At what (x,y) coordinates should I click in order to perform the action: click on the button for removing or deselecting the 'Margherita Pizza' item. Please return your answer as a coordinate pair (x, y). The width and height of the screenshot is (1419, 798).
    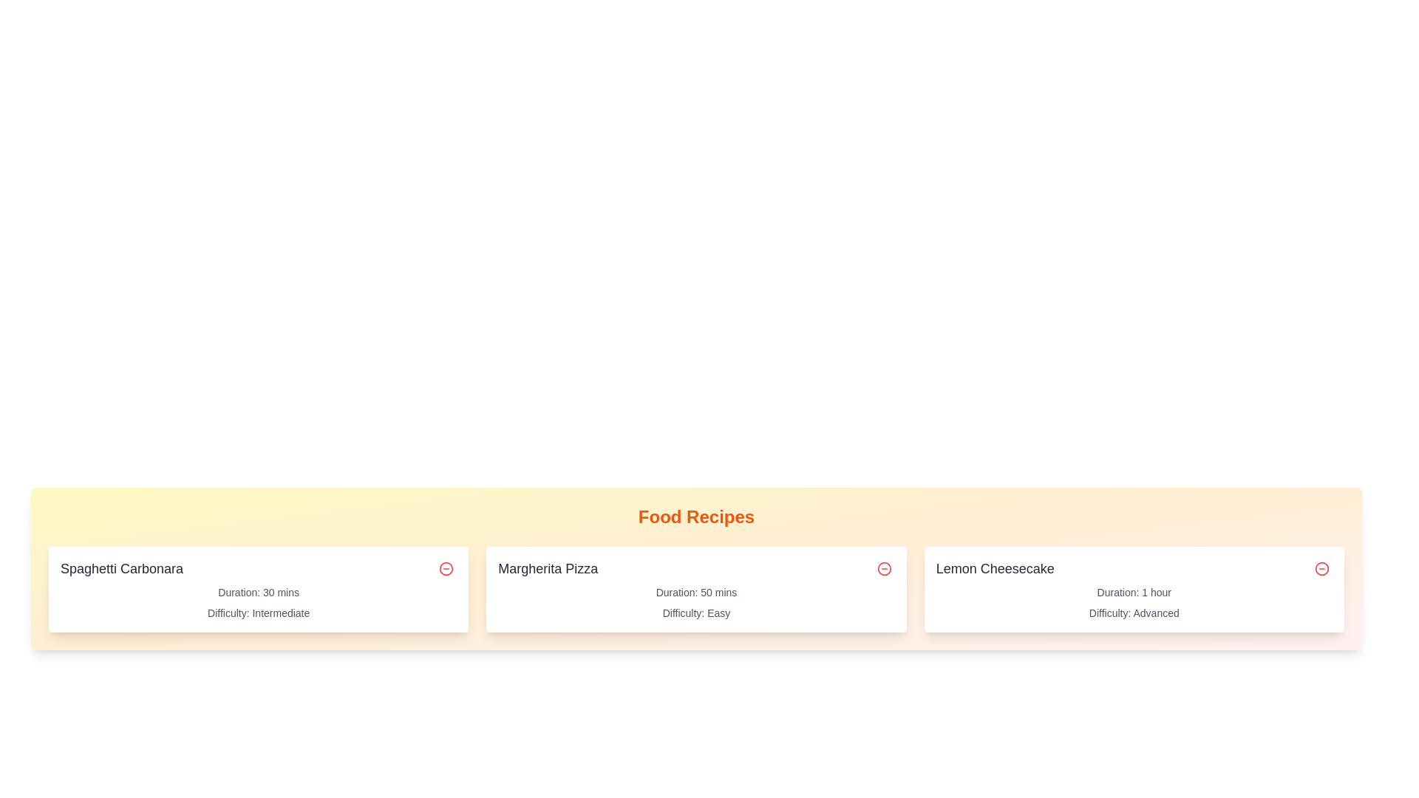
    Looking at the image, I should click on (884, 568).